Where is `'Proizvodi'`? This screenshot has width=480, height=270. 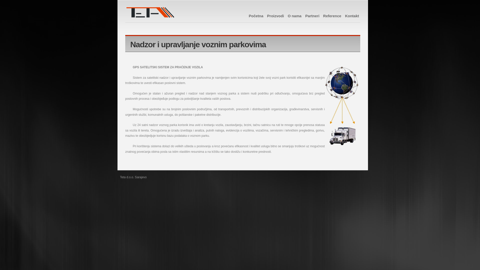 'Proizvodi' is located at coordinates (275, 15).